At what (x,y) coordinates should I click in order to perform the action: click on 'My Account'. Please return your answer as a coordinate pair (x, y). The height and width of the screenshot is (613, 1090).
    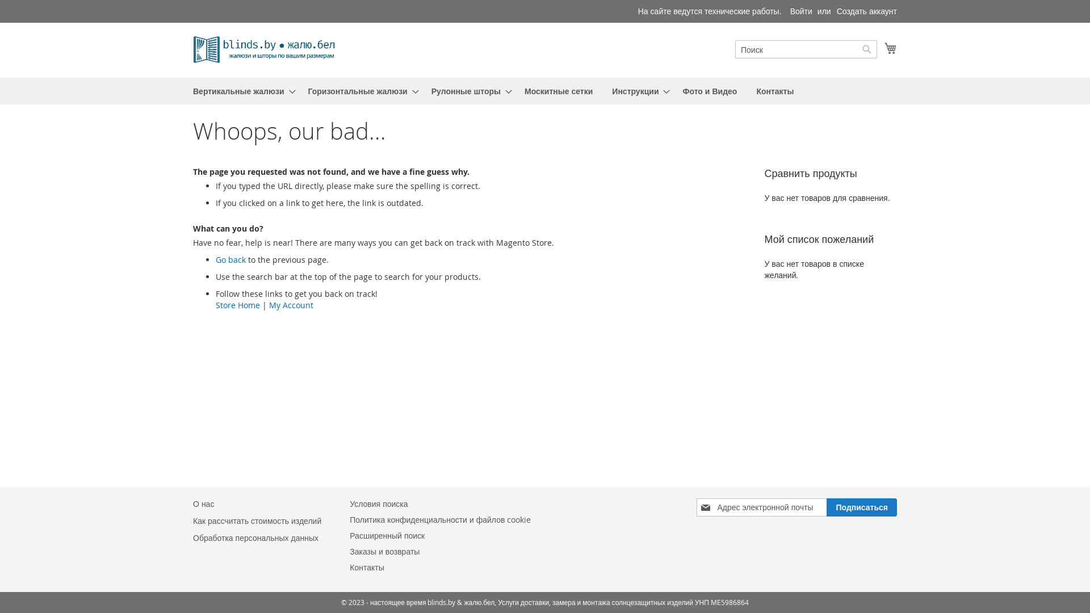
    Looking at the image, I should click on (269, 304).